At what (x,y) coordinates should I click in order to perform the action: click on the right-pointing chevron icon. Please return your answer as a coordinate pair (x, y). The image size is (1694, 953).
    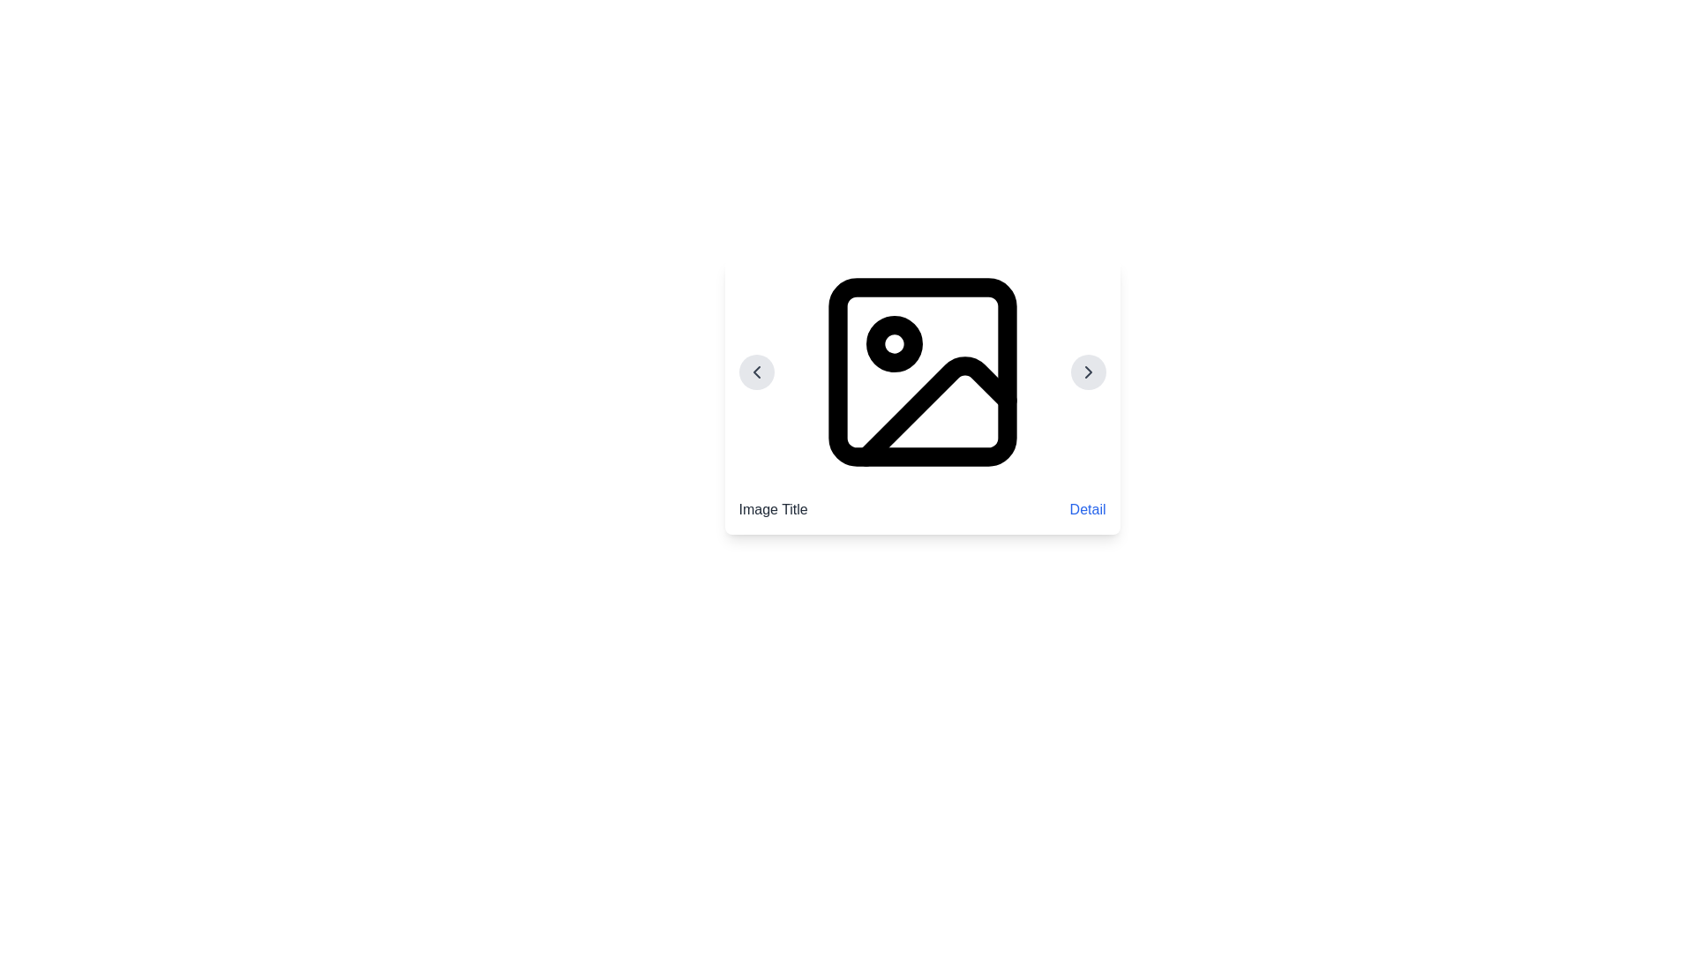
    Looking at the image, I should click on (1087, 371).